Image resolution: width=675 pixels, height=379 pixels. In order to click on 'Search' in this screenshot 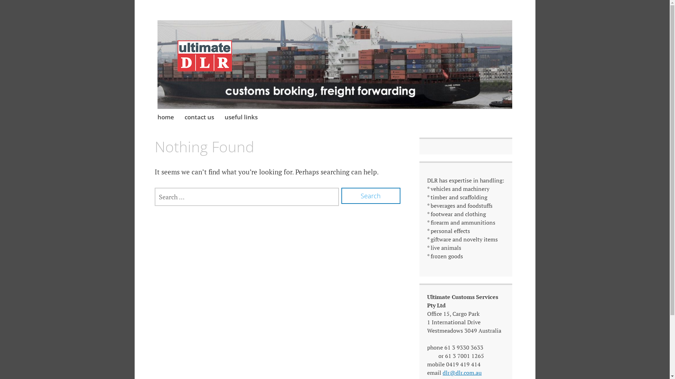, I will do `click(371, 196)`.